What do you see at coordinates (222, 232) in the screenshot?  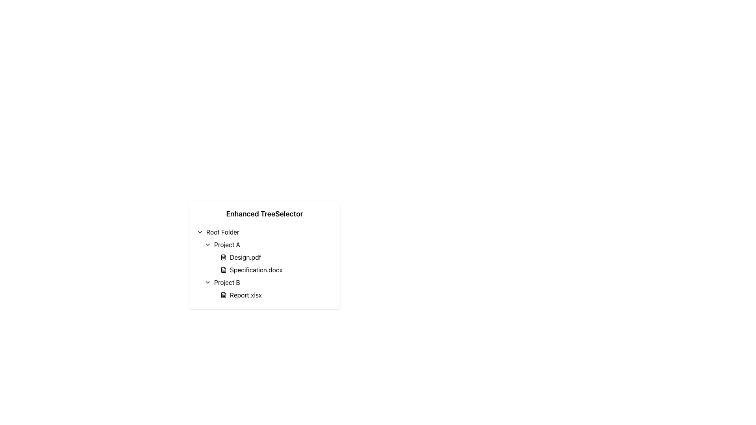 I see `the folder label for the root directory to expand or collapse its contents` at bounding box center [222, 232].